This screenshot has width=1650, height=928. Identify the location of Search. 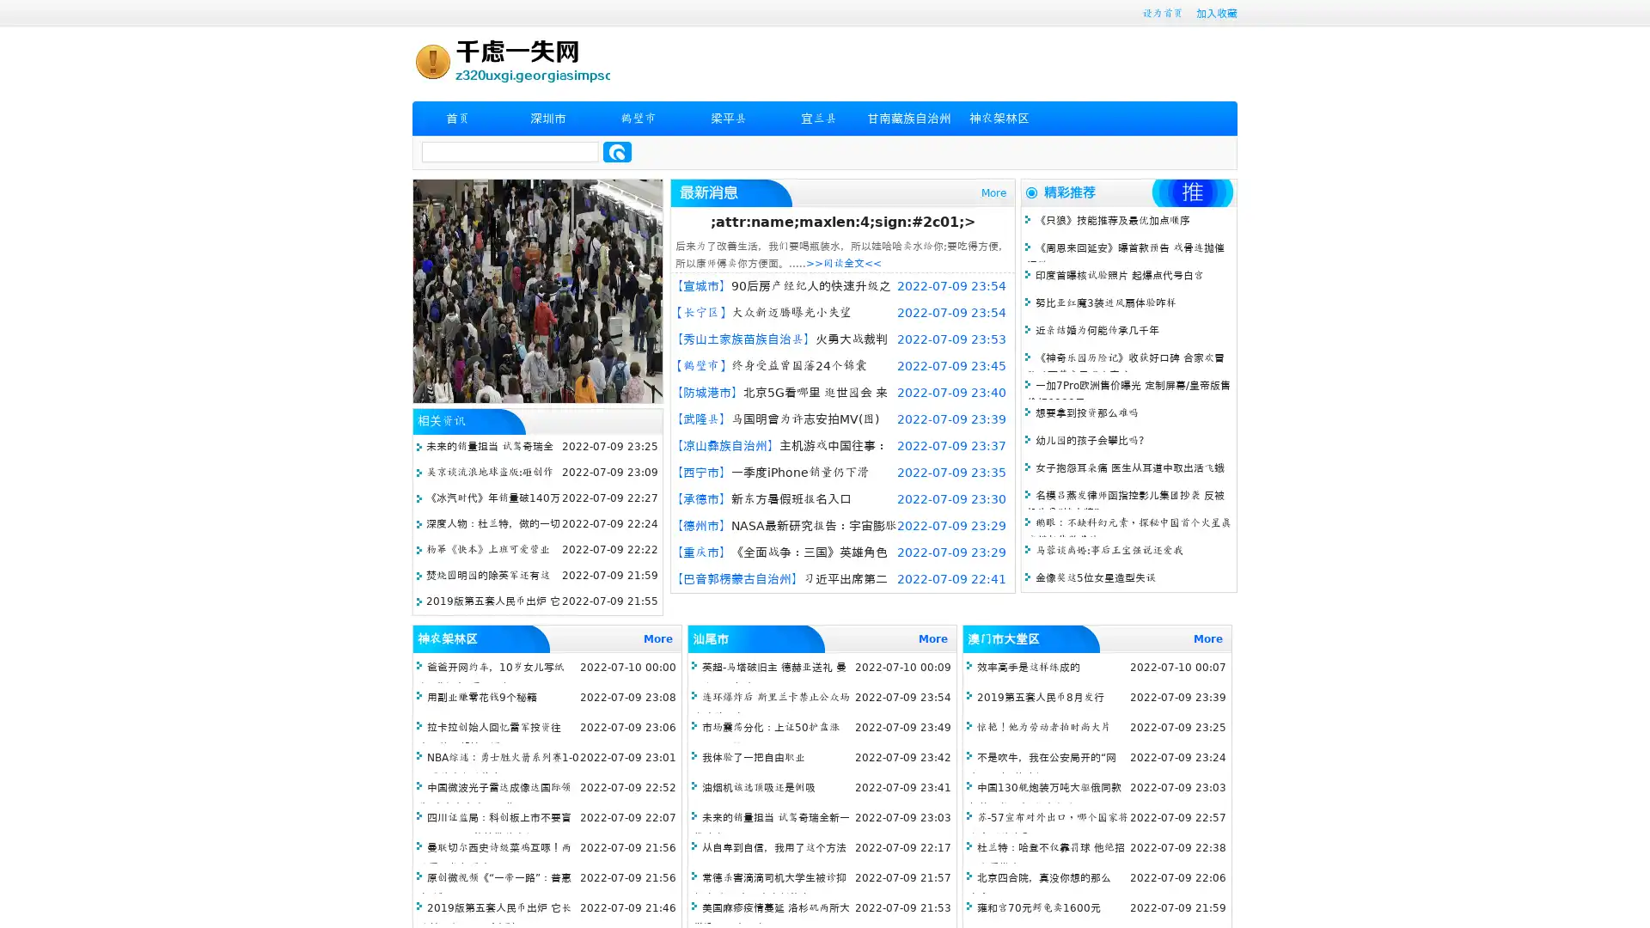
(617, 151).